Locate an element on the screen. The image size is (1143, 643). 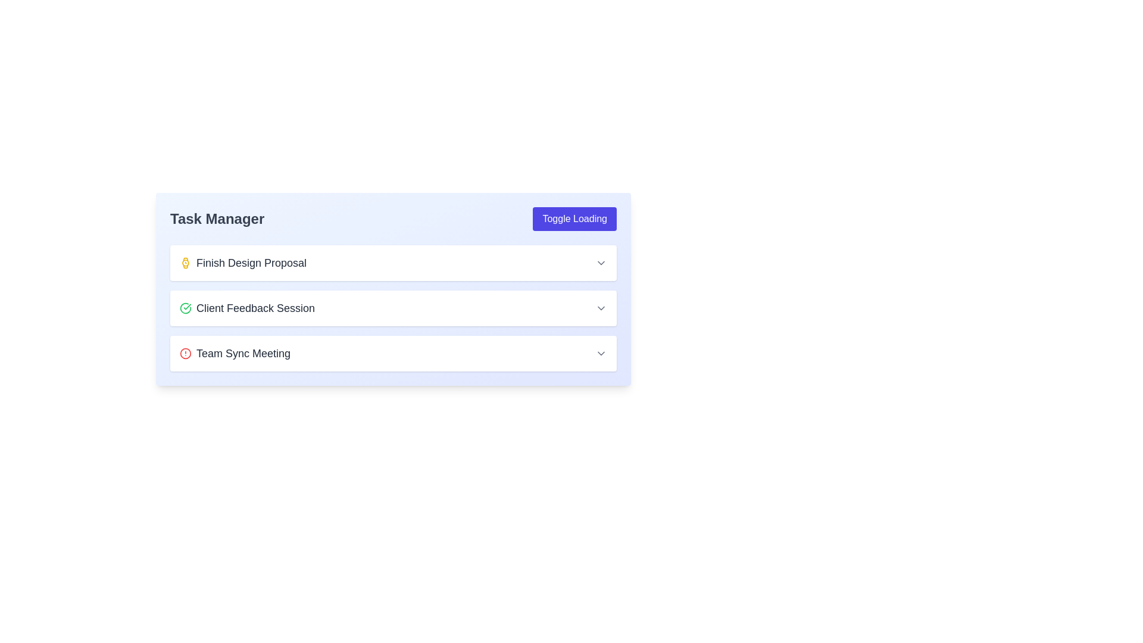
the 'Team Sync Meeting' task item in the Task Manager is located at coordinates (394, 353).